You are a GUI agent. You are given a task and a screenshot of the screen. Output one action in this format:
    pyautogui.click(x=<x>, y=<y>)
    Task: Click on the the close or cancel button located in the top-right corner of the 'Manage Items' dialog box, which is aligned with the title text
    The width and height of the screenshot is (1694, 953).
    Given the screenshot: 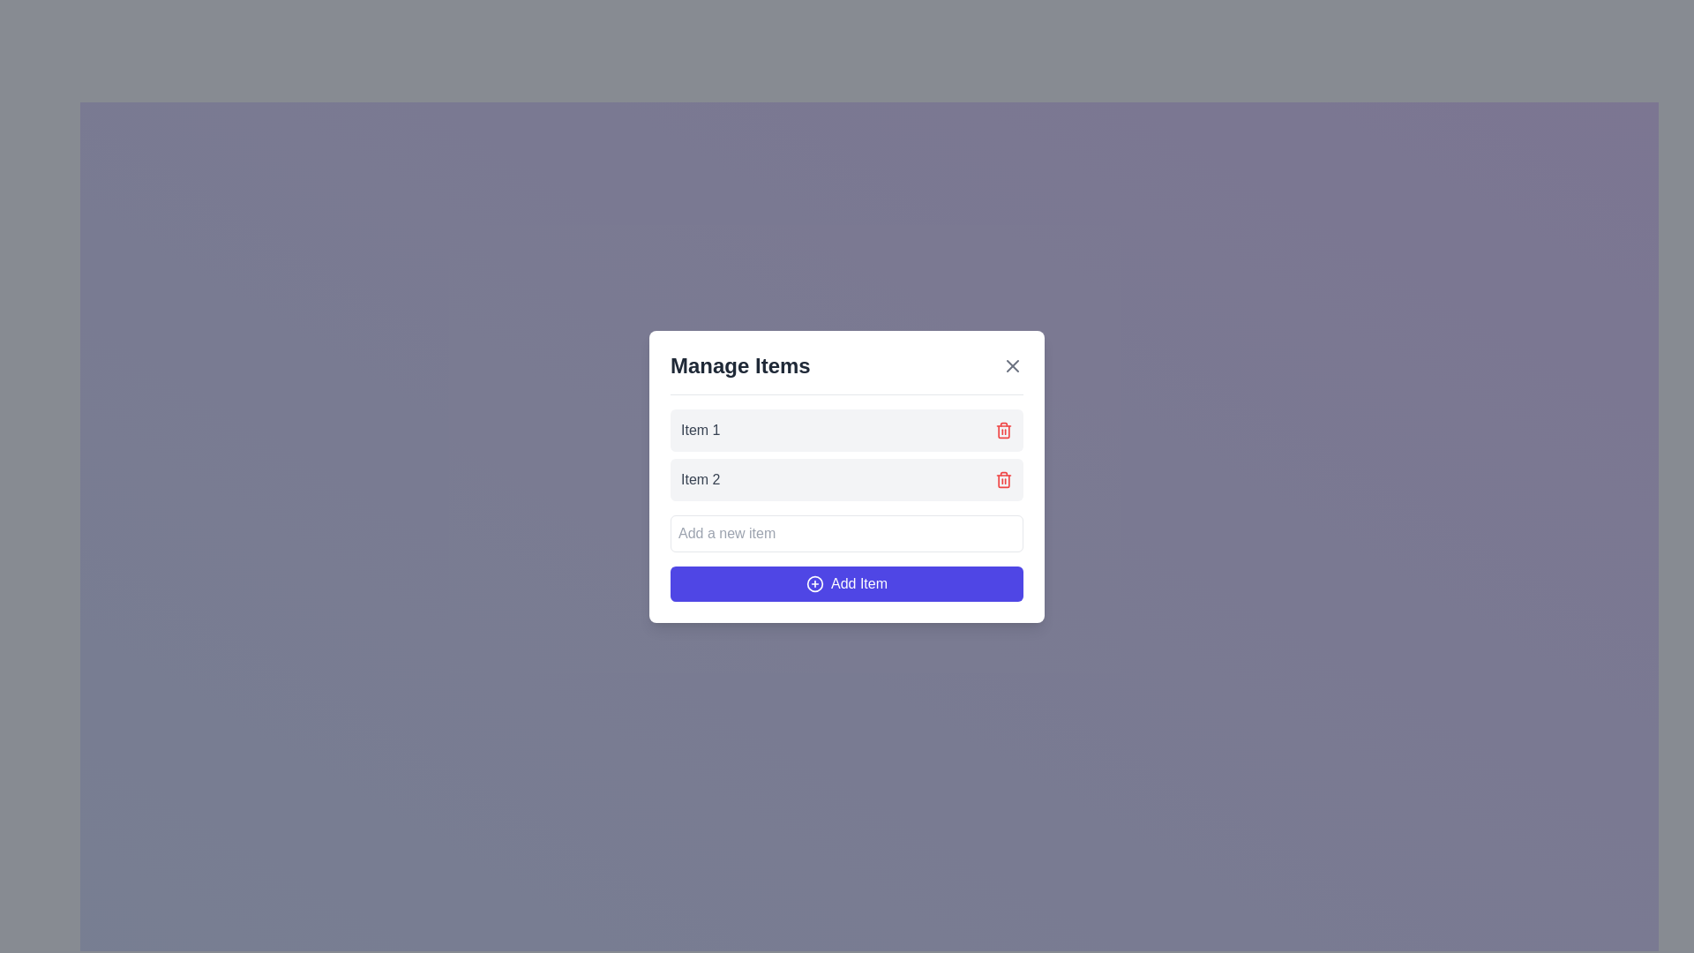 What is the action you would take?
    pyautogui.click(x=1012, y=364)
    